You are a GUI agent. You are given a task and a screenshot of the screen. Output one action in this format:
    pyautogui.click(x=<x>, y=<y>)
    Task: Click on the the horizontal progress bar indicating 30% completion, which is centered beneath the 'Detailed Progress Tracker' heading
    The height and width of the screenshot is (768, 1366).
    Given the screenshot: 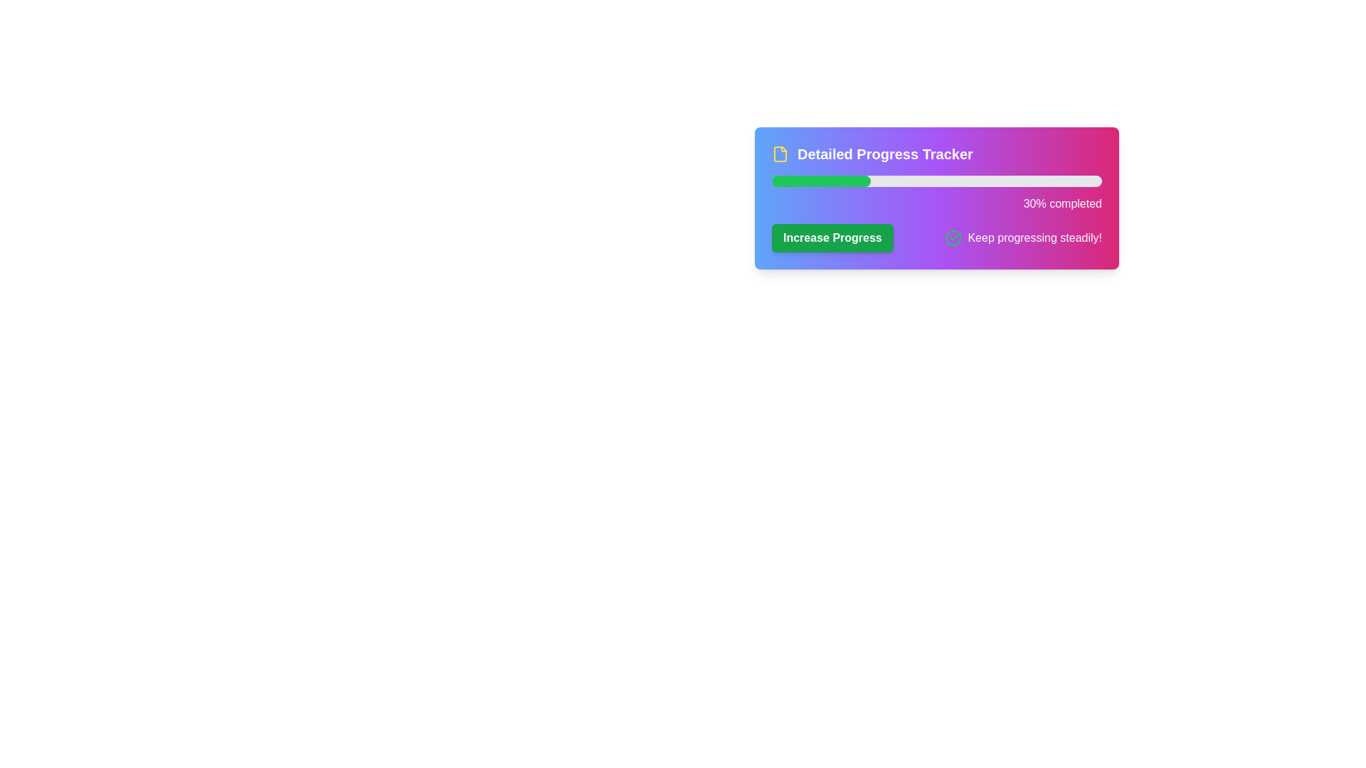 What is the action you would take?
    pyautogui.click(x=936, y=194)
    